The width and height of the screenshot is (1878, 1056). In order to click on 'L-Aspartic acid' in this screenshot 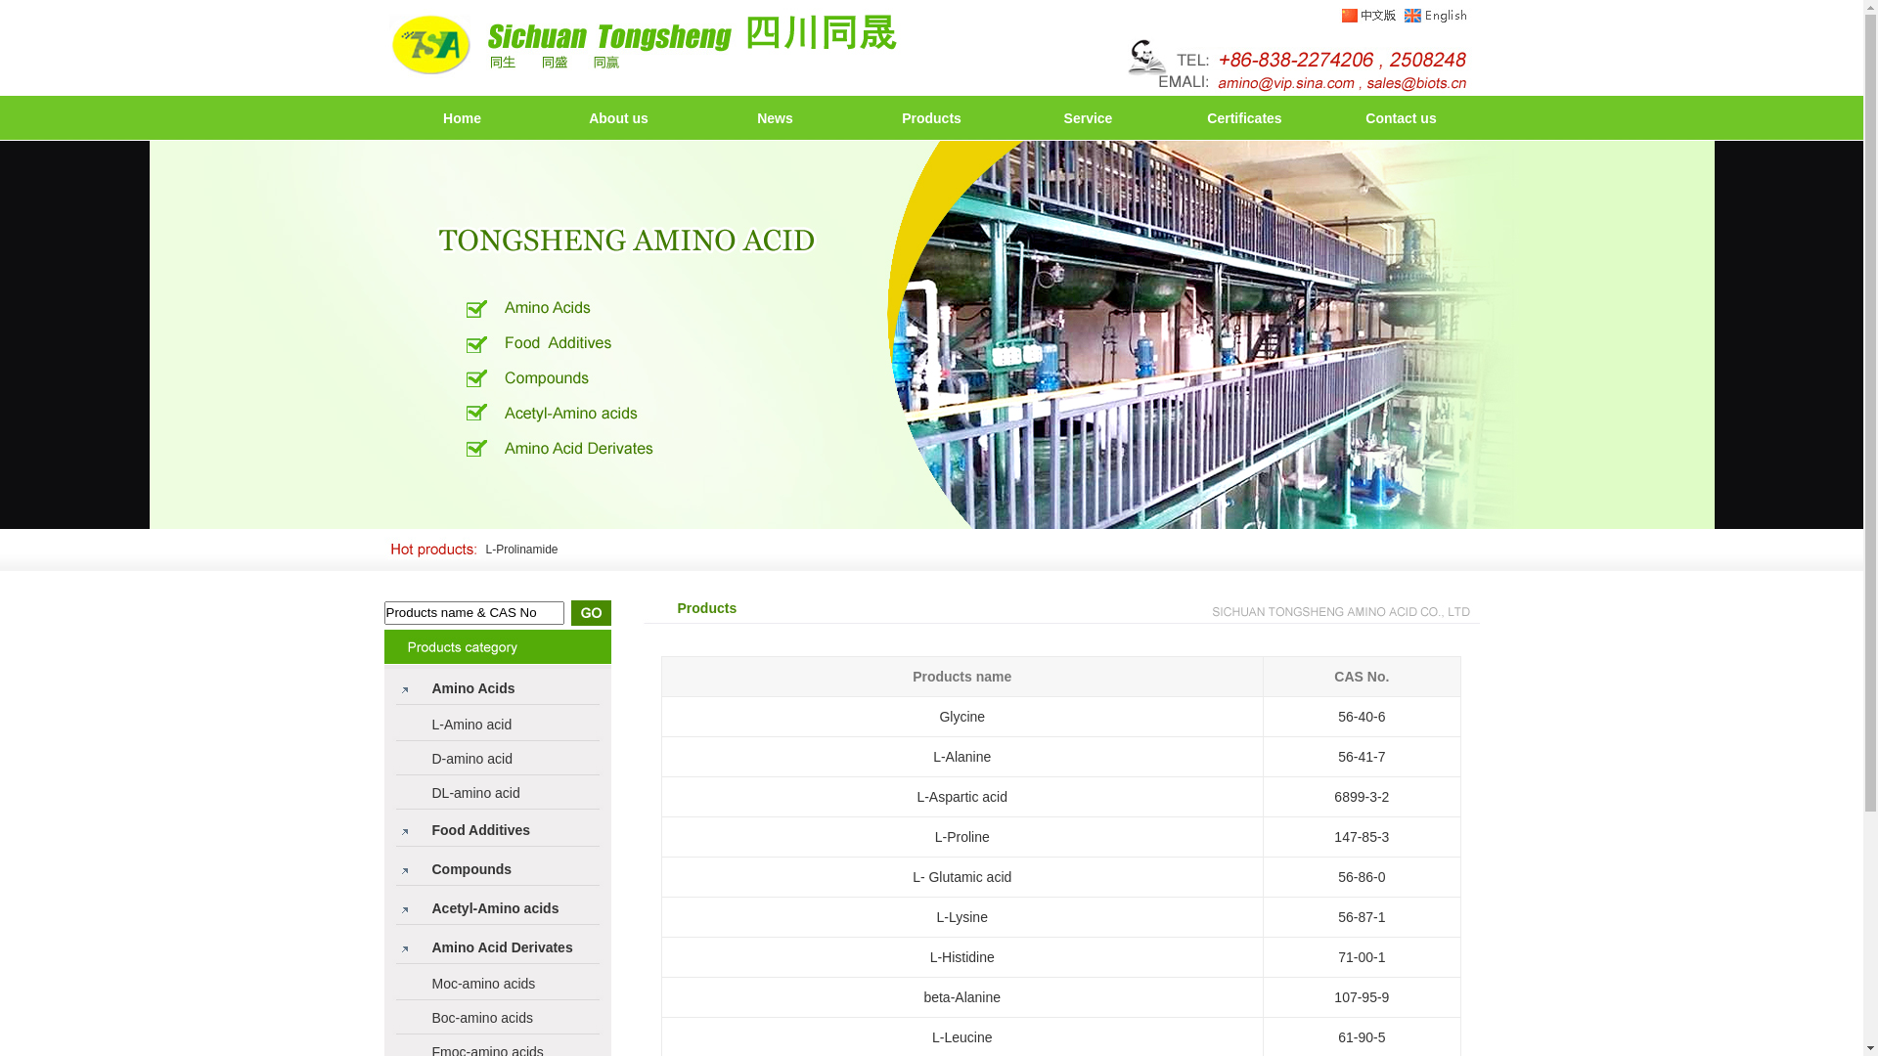, I will do `click(961, 795)`.